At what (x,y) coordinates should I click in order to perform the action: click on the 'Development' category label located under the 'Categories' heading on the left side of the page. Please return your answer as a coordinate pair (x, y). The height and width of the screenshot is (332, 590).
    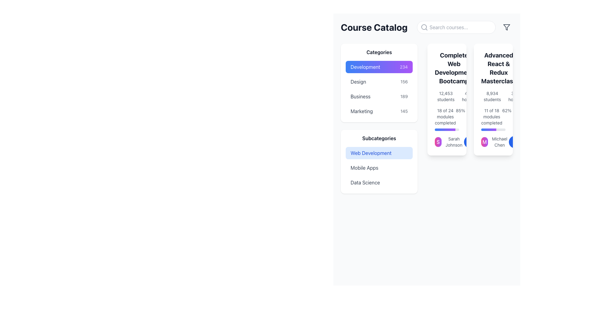
    Looking at the image, I should click on (365, 67).